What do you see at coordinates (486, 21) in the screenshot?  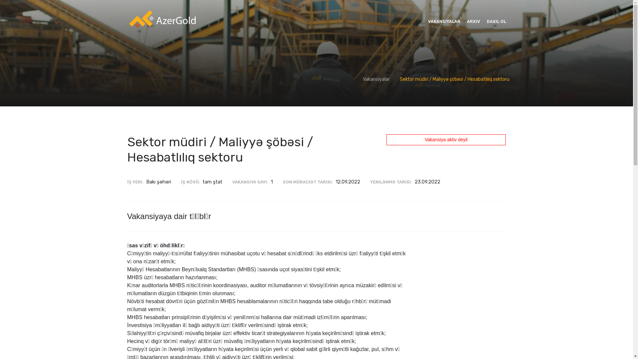 I see `'DAXIL OL'` at bounding box center [486, 21].